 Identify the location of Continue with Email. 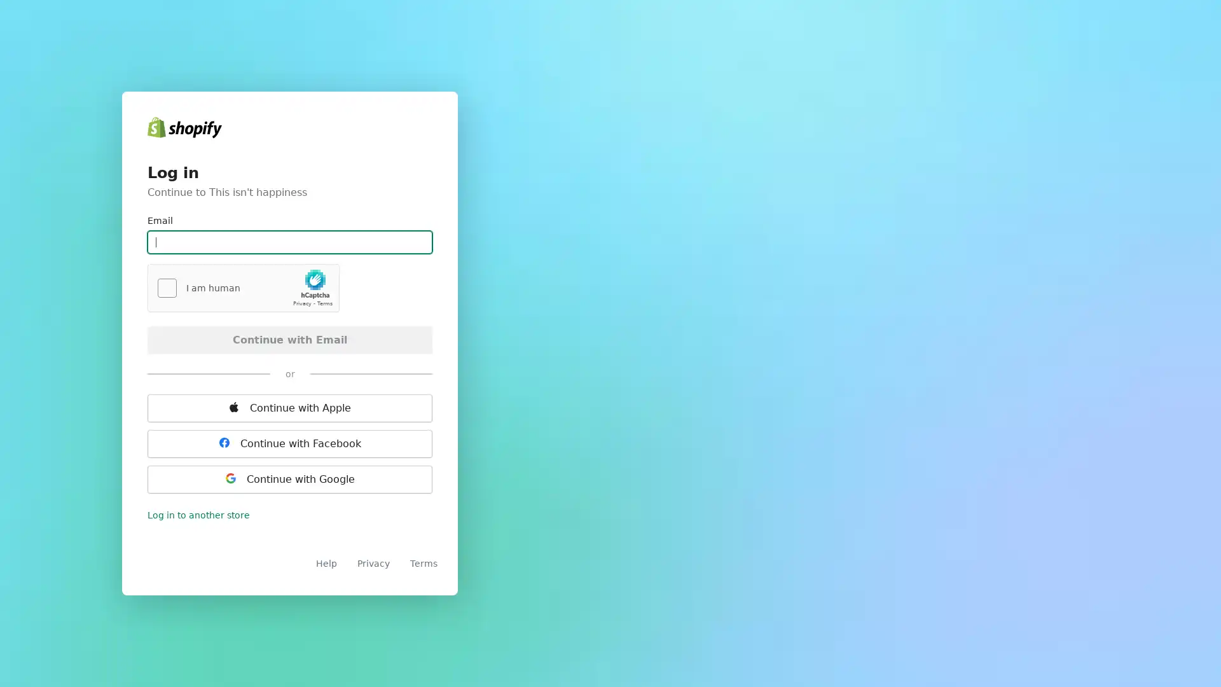
(289, 338).